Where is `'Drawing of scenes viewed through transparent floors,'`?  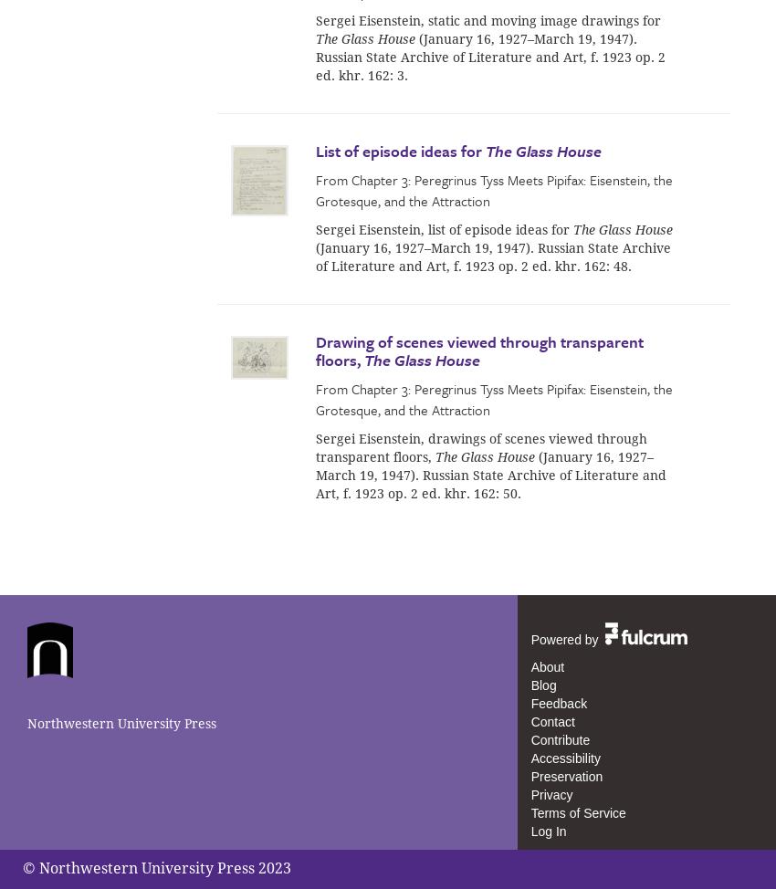 'Drawing of scenes viewed through transparent floors,' is located at coordinates (478, 350).